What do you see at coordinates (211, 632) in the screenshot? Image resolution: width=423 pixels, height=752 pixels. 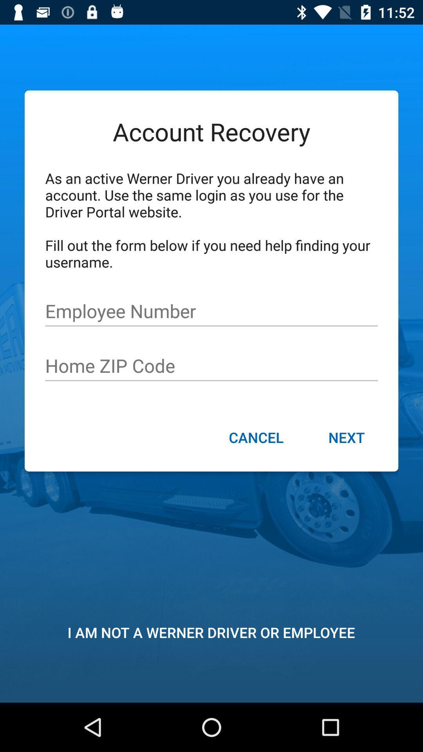 I see `the i am not item` at bounding box center [211, 632].